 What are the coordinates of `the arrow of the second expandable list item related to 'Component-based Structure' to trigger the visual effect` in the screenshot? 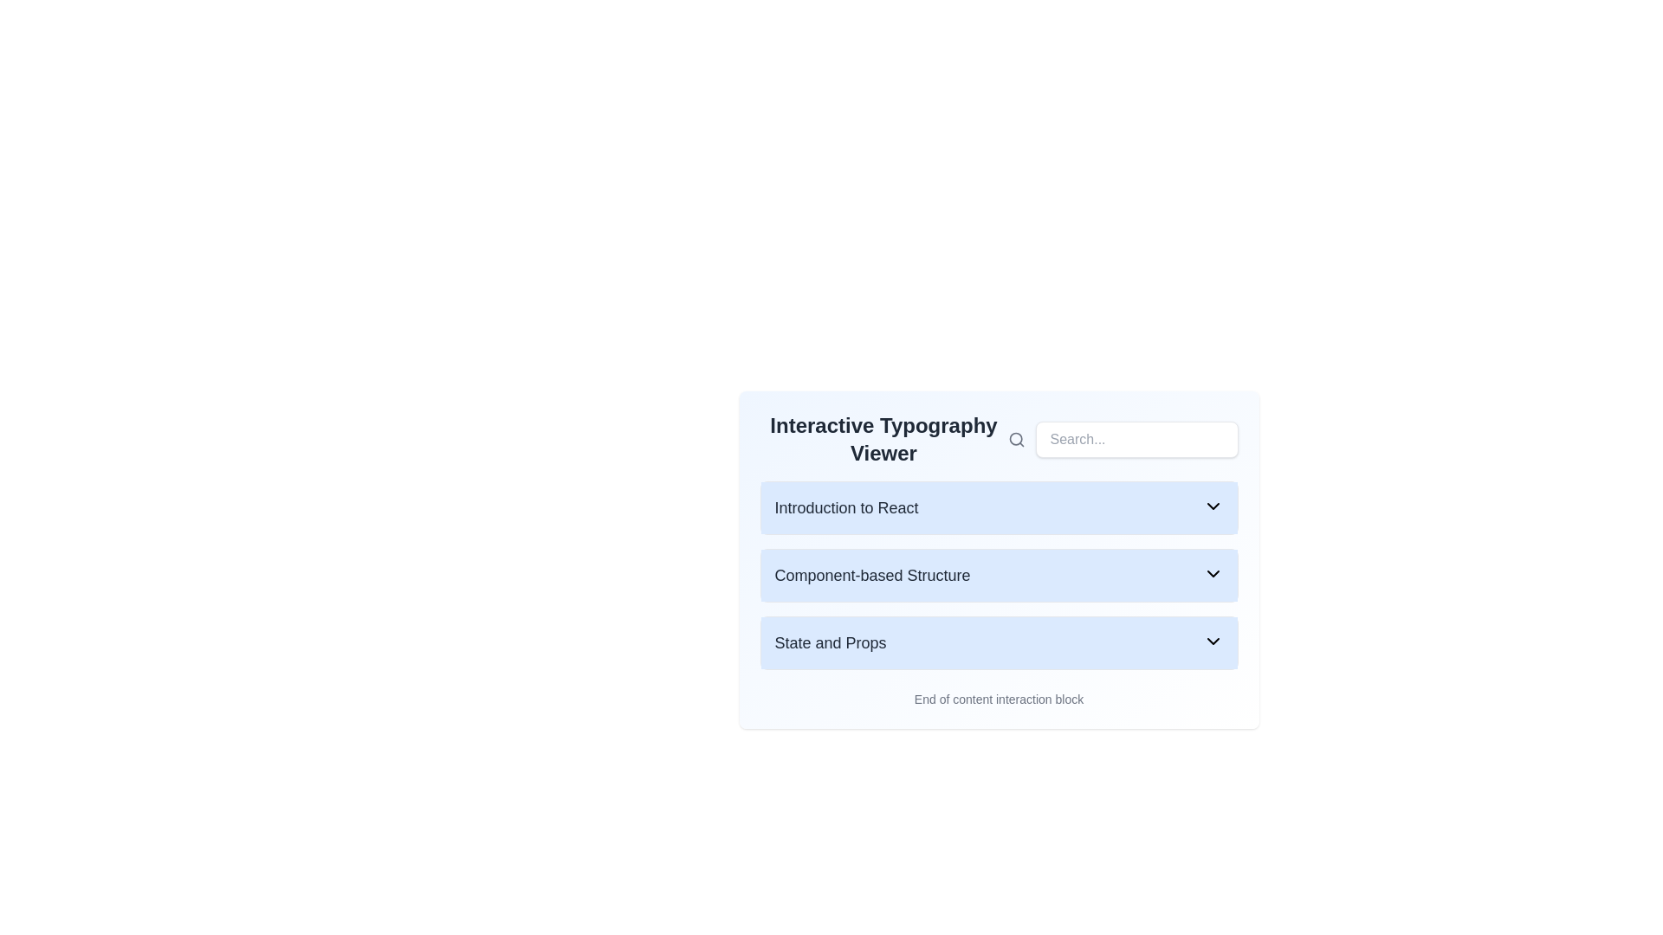 It's located at (999, 575).